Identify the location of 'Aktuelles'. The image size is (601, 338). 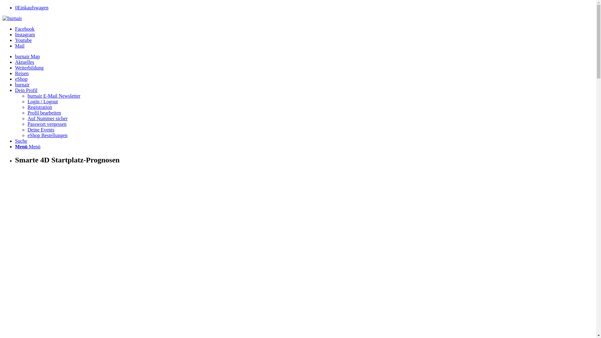
(24, 62).